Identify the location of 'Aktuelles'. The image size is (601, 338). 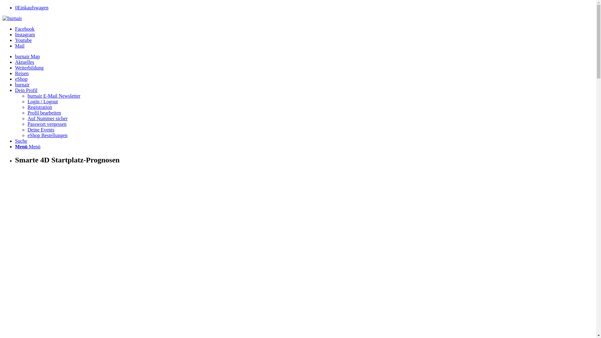
(24, 62).